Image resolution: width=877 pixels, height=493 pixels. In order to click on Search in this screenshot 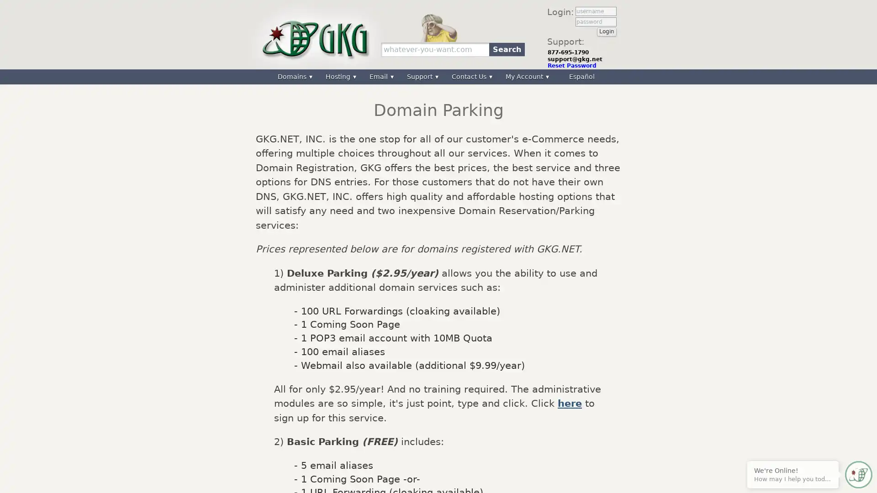, I will do `click(506, 49)`.